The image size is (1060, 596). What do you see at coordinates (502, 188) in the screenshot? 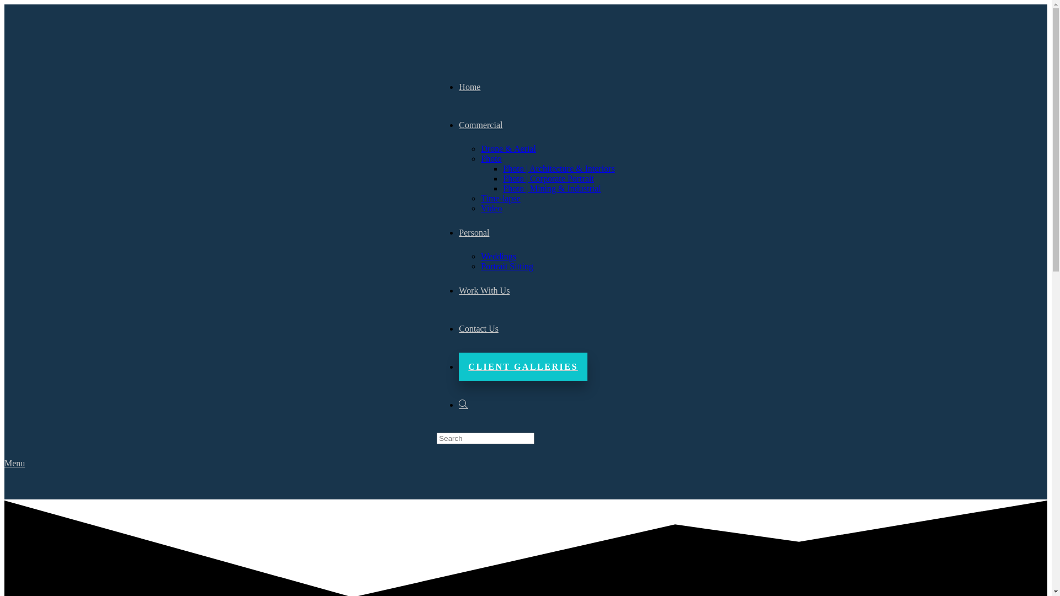
I see `'Photo | Mining & Industrial'` at bounding box center [502, 188].